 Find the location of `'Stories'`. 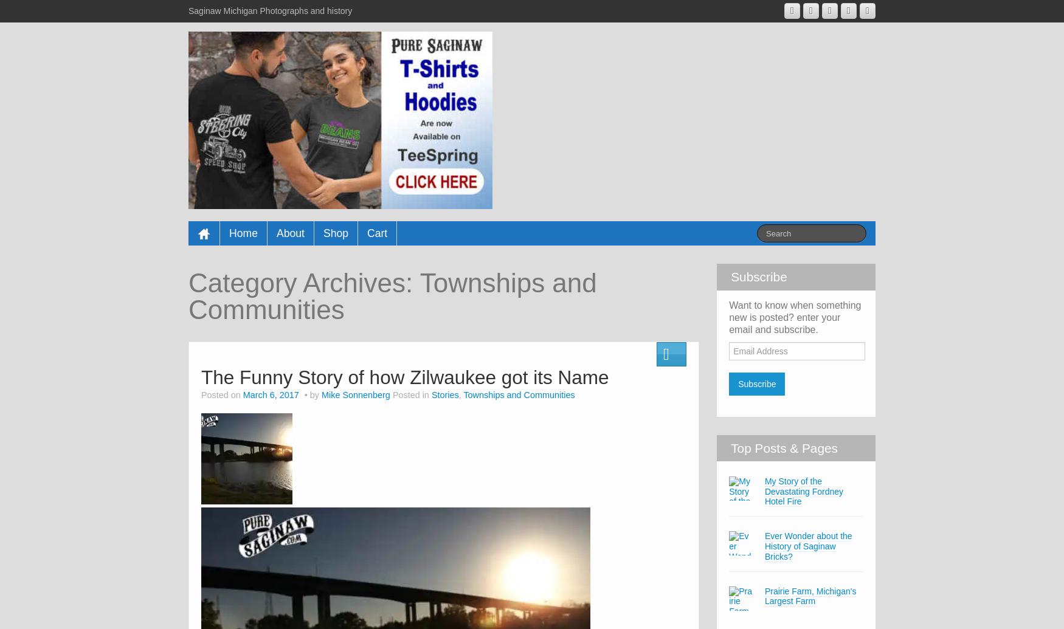

'Stories' is located at coordinates (444, 394).